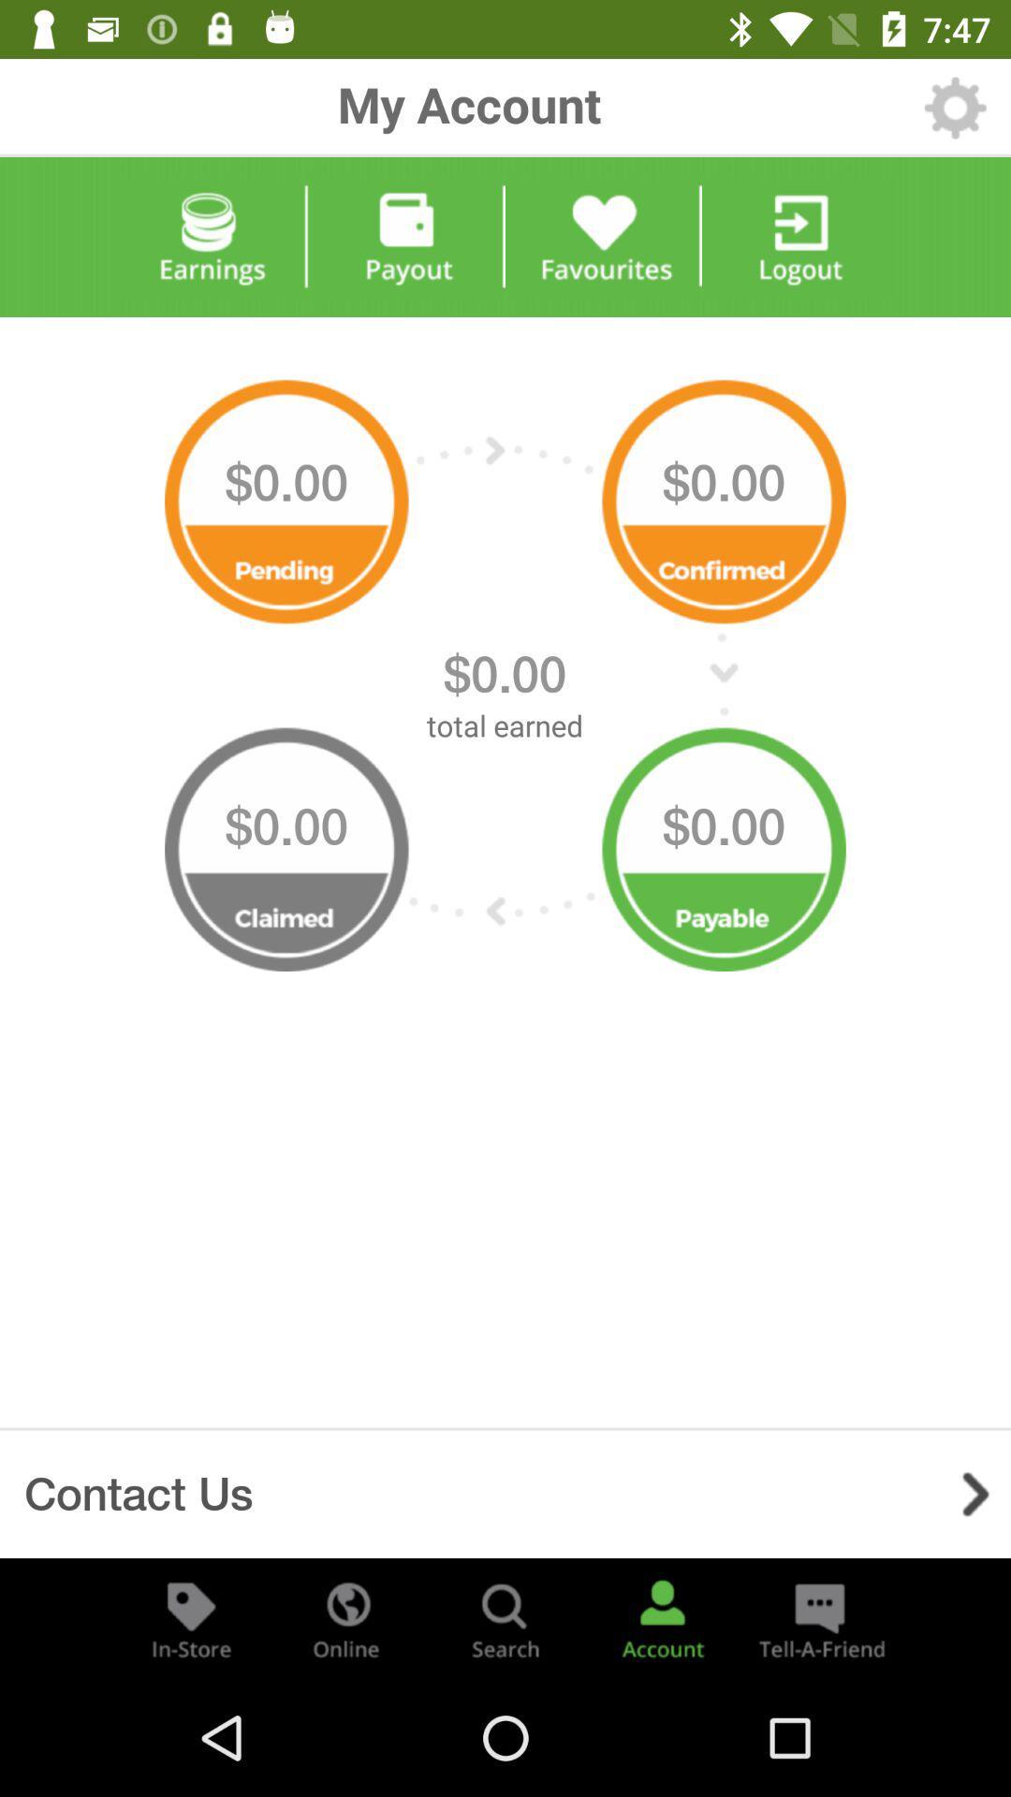 This screenshot has width=1011, height=1797. What do you see at coordinates (818, 1617) in the screenshot?
I see `send referral email` at bounding box center [818, 1617].